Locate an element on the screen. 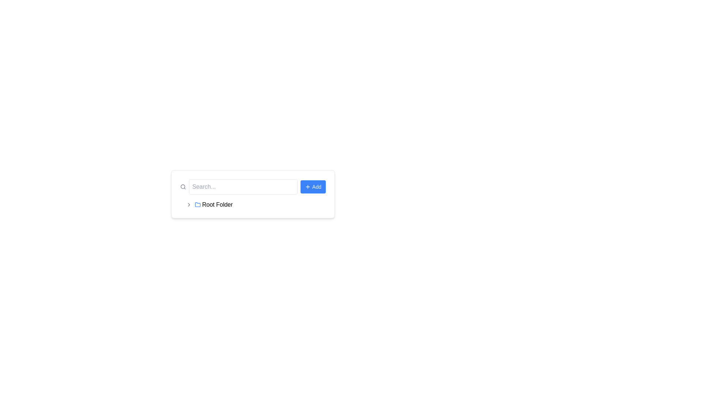 The height and width of the screenshot is (395, 702). the folder icon representing the 'Root Folder', which is located to the left of the text label 'Root Folder' in the lower section of the interface is located at coordinates (198, 204).